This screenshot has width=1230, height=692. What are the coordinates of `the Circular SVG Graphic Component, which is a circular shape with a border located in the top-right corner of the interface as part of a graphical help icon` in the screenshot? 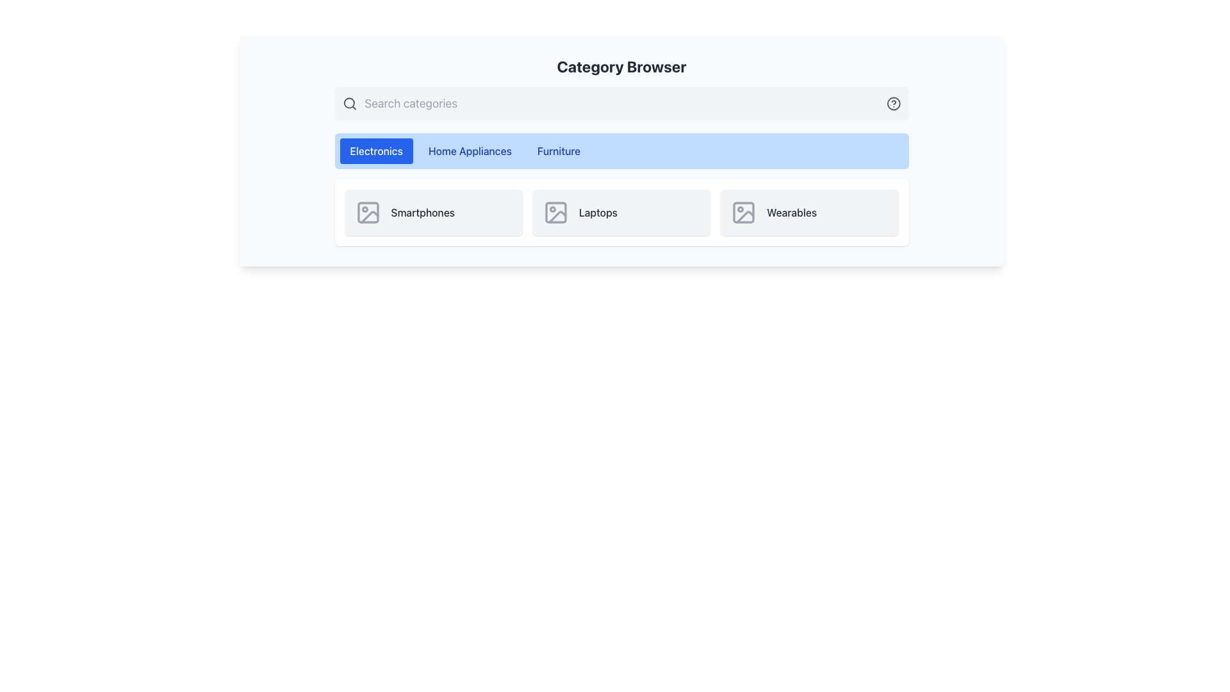 It's located at (893, 103).